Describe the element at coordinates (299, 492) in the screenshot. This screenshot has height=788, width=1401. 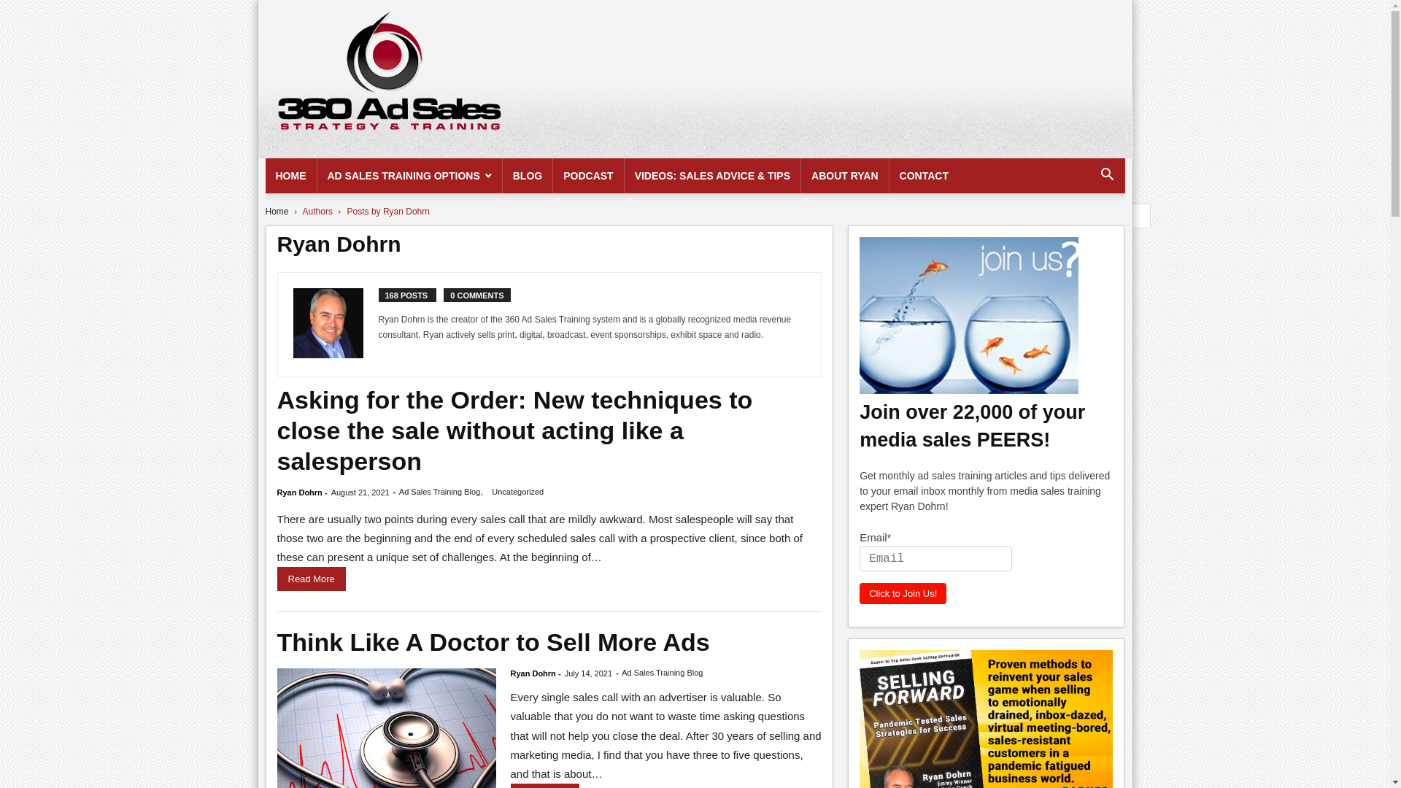
I see `'Ryan Dohrn'` at that location.